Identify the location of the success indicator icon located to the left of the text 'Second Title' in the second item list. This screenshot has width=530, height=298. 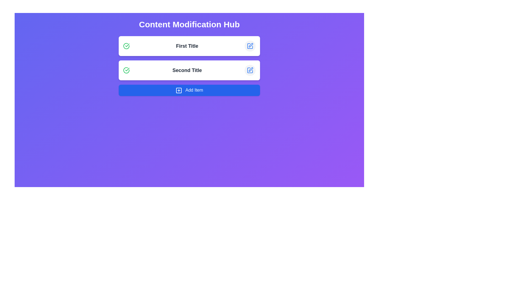
(126, 46).